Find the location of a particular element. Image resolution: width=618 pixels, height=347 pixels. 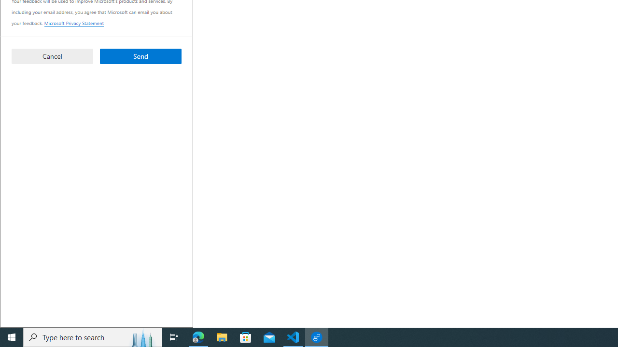

'Cancel' is located at coordinates (52, 56).